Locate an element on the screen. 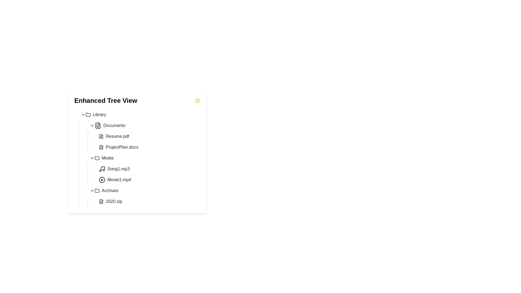 This screenshot has width=521, height=293. on the file entry 'Song1.mp3' located under the 'Media' section in the directory listing is located at coordinates (144, 169).